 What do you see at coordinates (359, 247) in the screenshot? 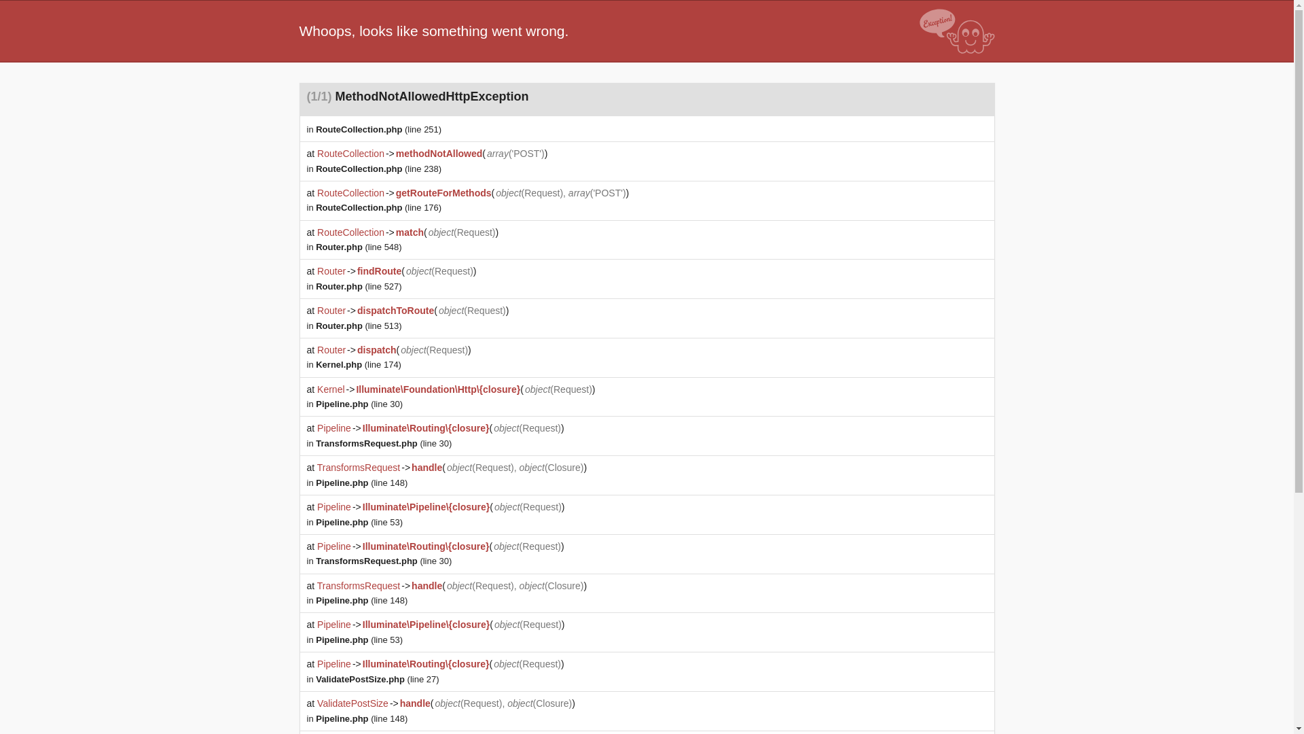
I see `'Router.php (line 548)'` at bounding box center [359, 247].